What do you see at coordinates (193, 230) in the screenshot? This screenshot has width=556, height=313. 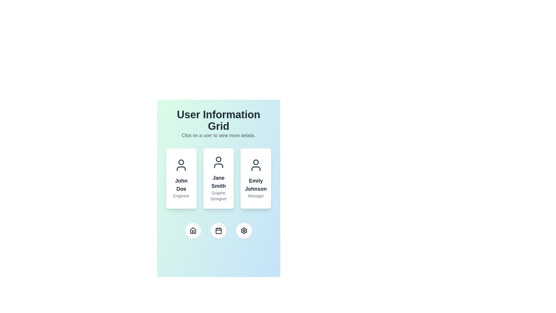 I see `the leftmost icon button represented by a vector SVG graphic of a house` at bounding box center [193, 230].